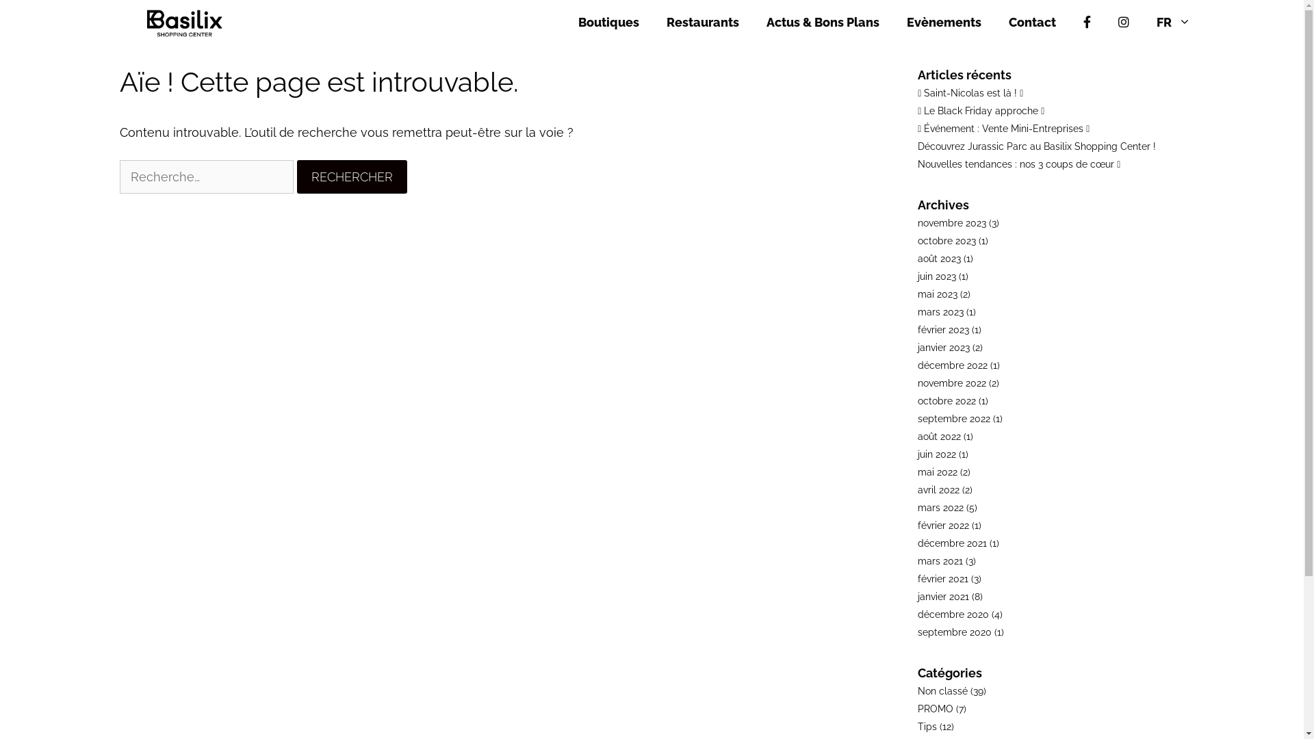  Describe the element at coordinates (951, 383) in the screenshot. I see `'novembre 2022'` at that location.